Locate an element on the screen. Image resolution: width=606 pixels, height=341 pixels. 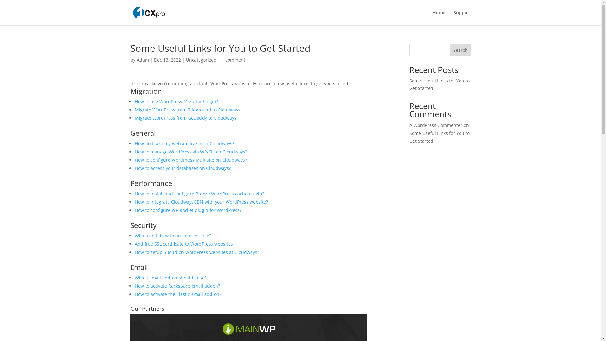
'Search' is located at coordinates (460, 50).